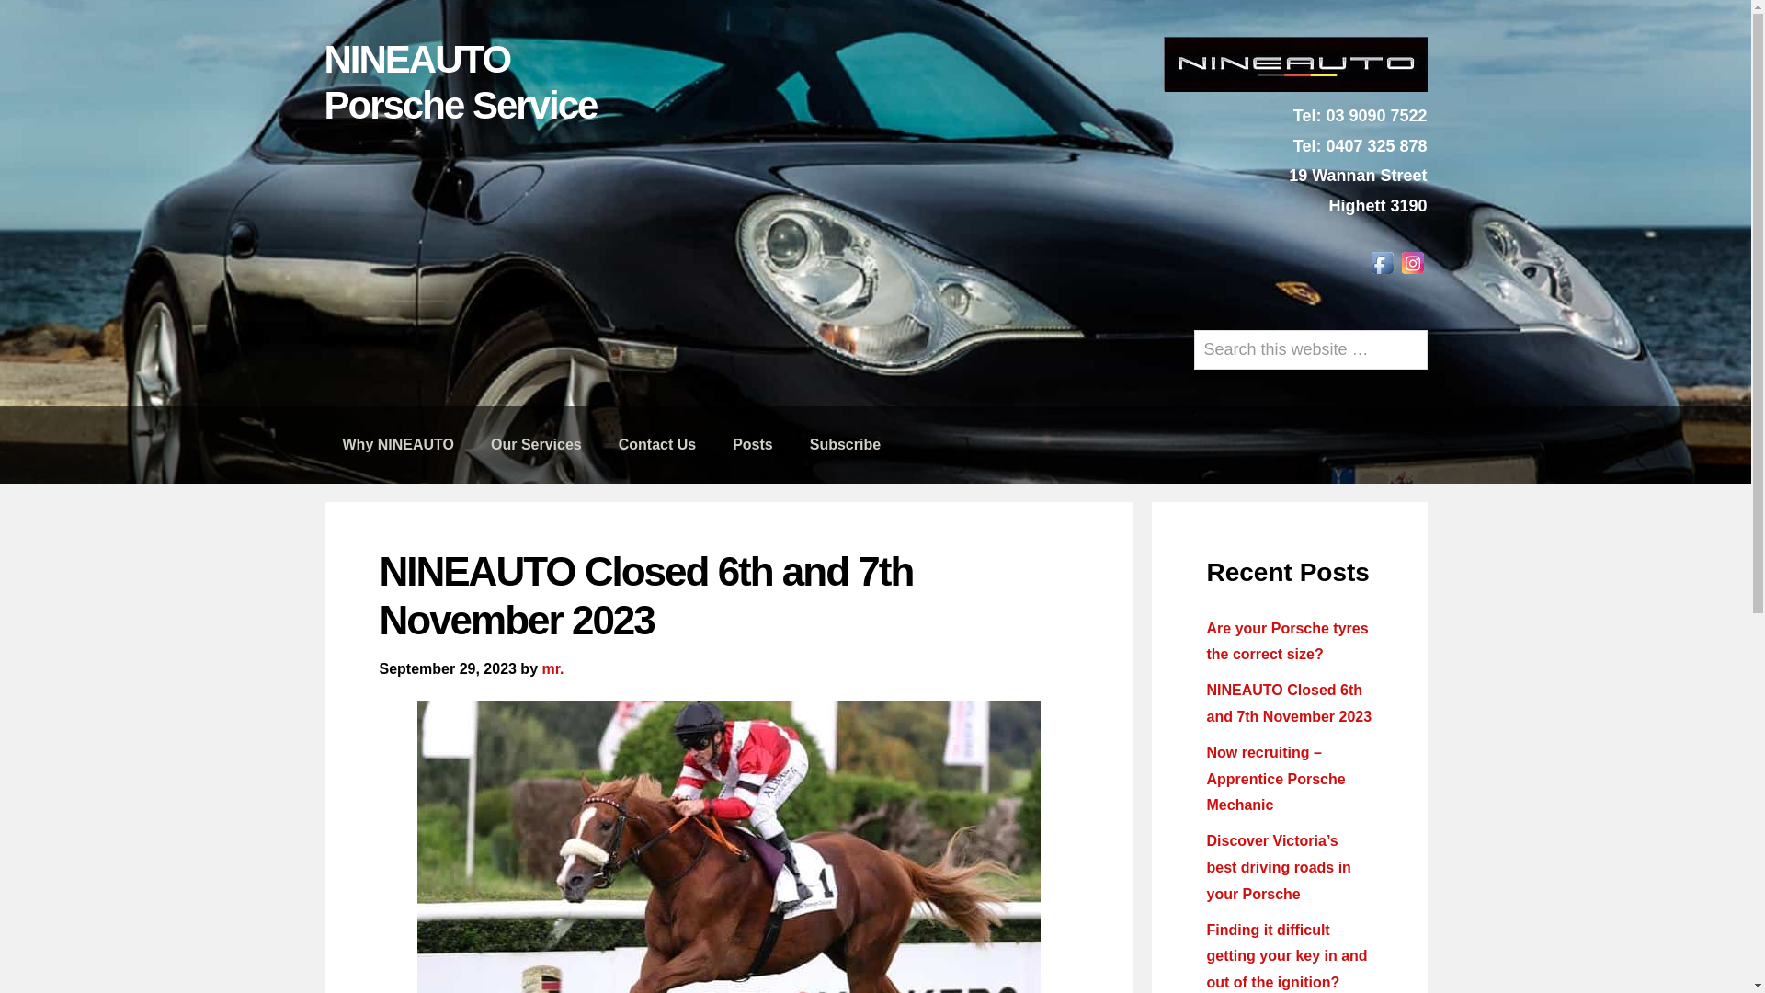 The width and height of the screenshot is (1765, 993). What do you see at coordinates (1292, 116) in the screenshot?
I see `'Tel: 03 9090 7522'` at bounding box center [1292, 116].